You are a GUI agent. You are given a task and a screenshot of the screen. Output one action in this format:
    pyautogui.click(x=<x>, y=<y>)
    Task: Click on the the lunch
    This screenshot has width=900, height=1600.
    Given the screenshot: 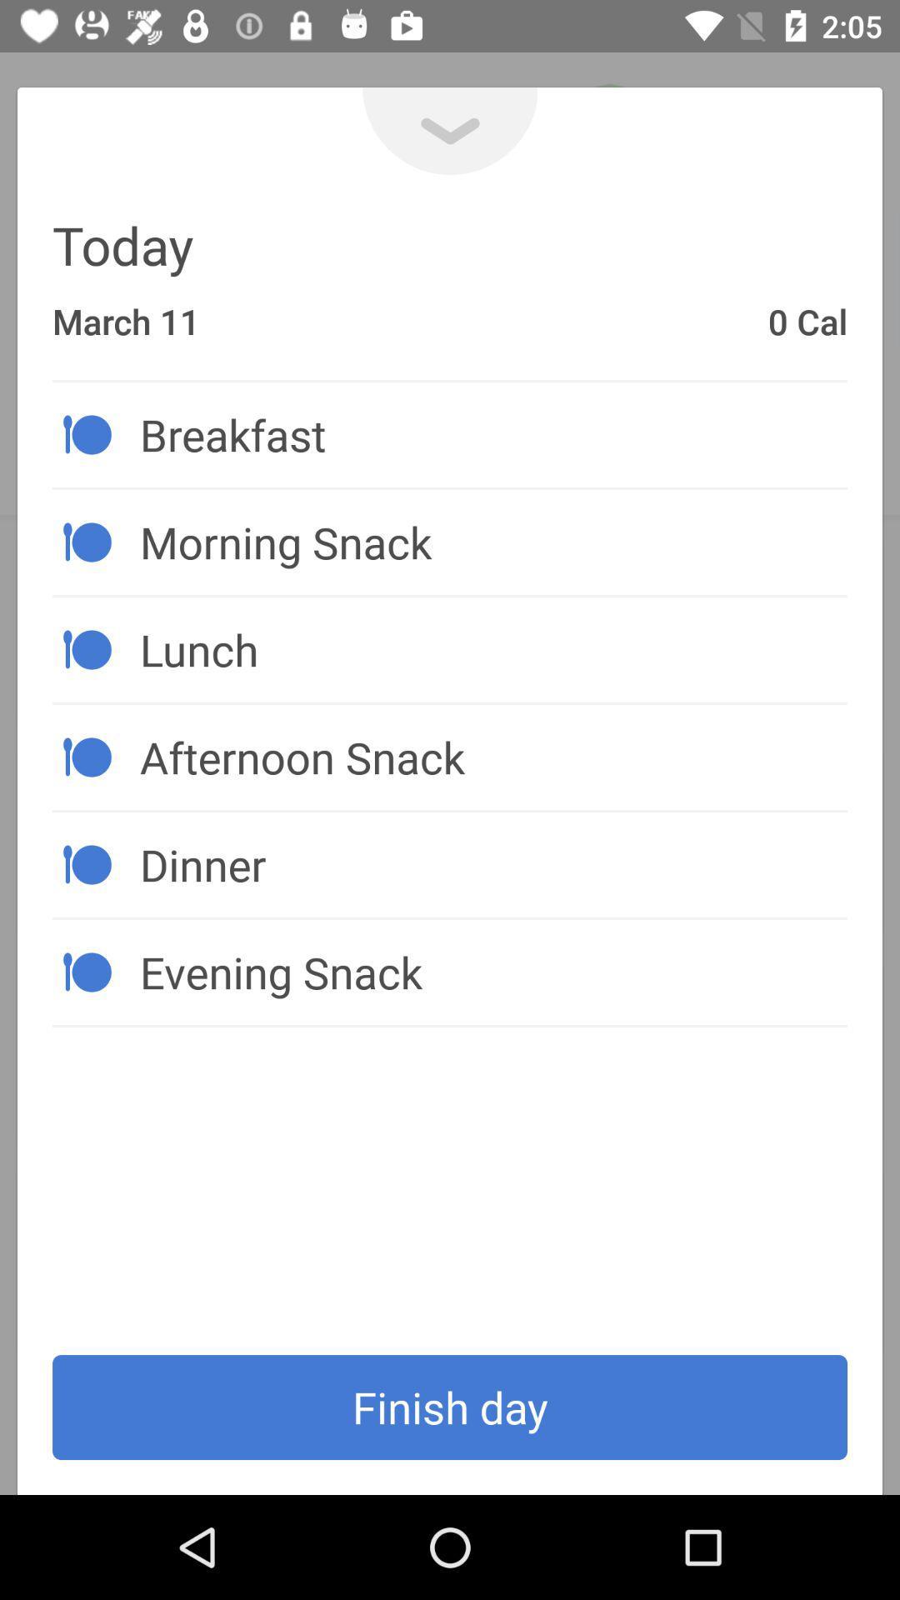 What is the action you would take?
    pyautogui.click(x=492, y=648)
    